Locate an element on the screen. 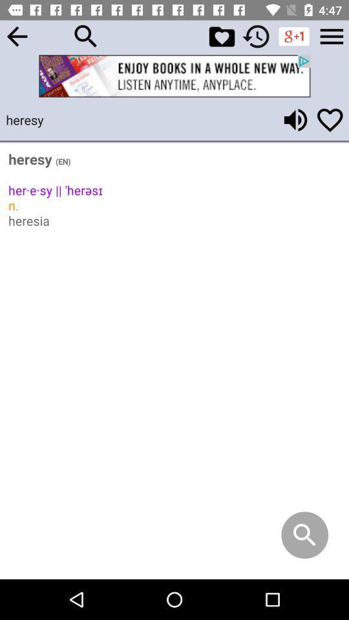 The width and height of the screenshot is (349, 620). the word is located at coordinates (330, 119).